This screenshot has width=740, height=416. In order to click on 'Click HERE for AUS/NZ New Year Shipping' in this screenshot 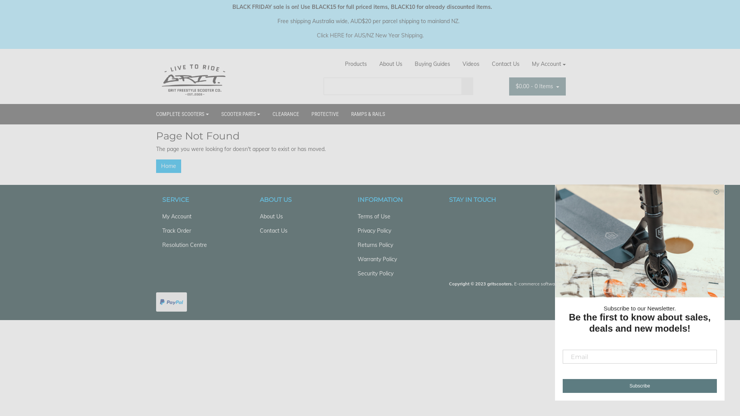, I will do `click(316, 35)`.